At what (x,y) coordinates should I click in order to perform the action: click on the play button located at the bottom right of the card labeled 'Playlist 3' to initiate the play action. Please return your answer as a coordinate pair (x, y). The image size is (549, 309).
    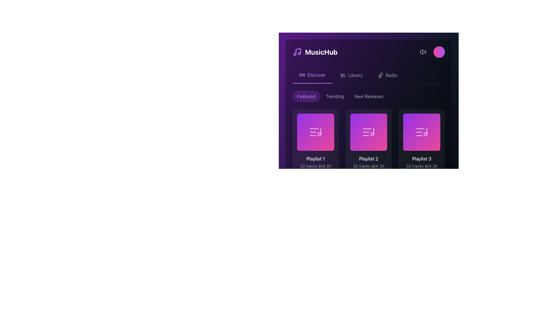
    Looking at the image, I should click on (429, 137).